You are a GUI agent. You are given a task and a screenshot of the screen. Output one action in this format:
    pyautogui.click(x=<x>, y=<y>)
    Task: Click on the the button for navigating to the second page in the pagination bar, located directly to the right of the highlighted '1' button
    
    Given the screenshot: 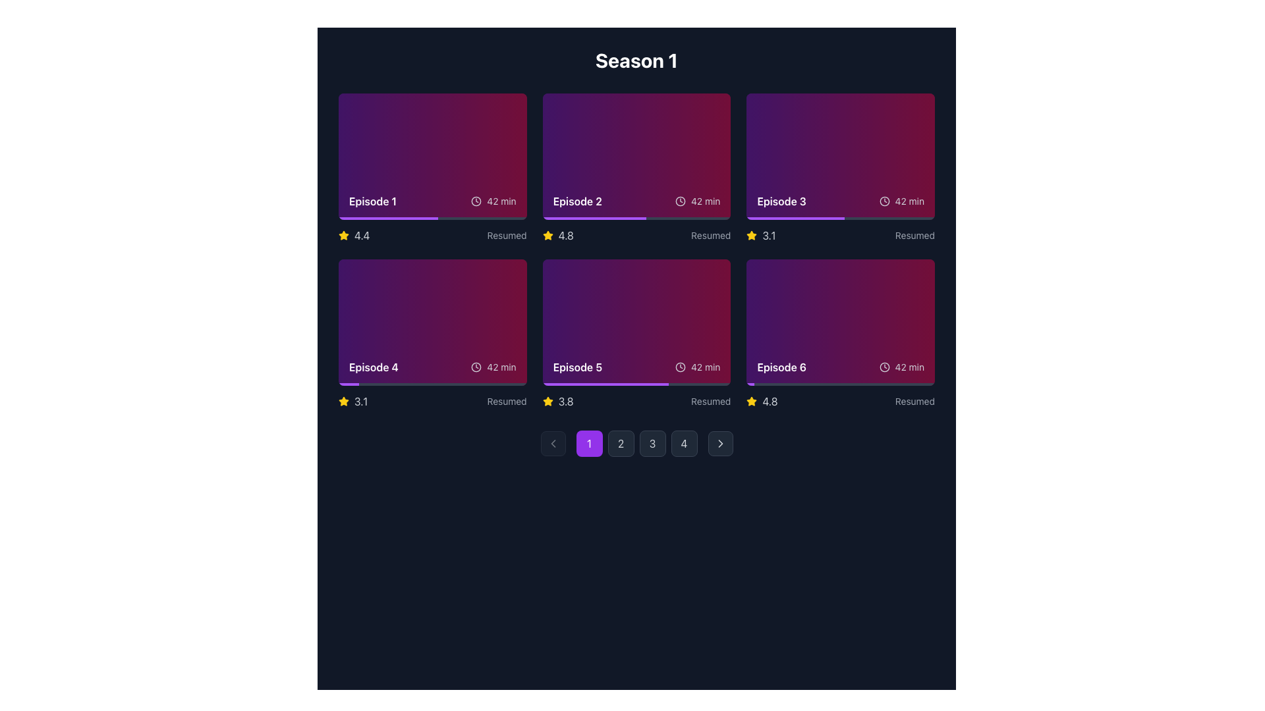 What is the action you would take?
    pyautogui.click(x=636, y=444)
    